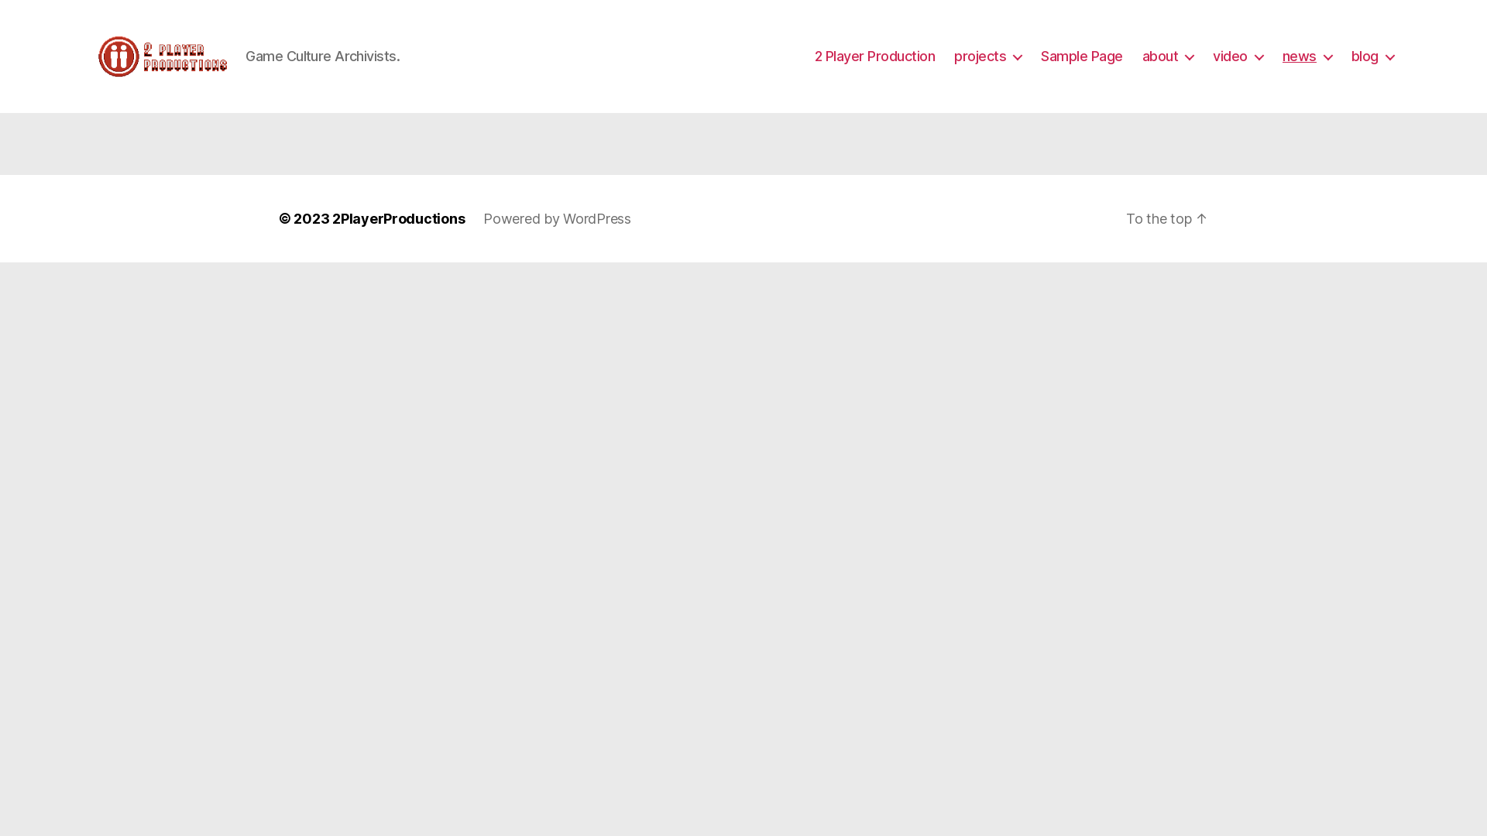  Describe the element at coordinates (874, 56) in the screenshot. I see `'2 Player Production'` at that location.